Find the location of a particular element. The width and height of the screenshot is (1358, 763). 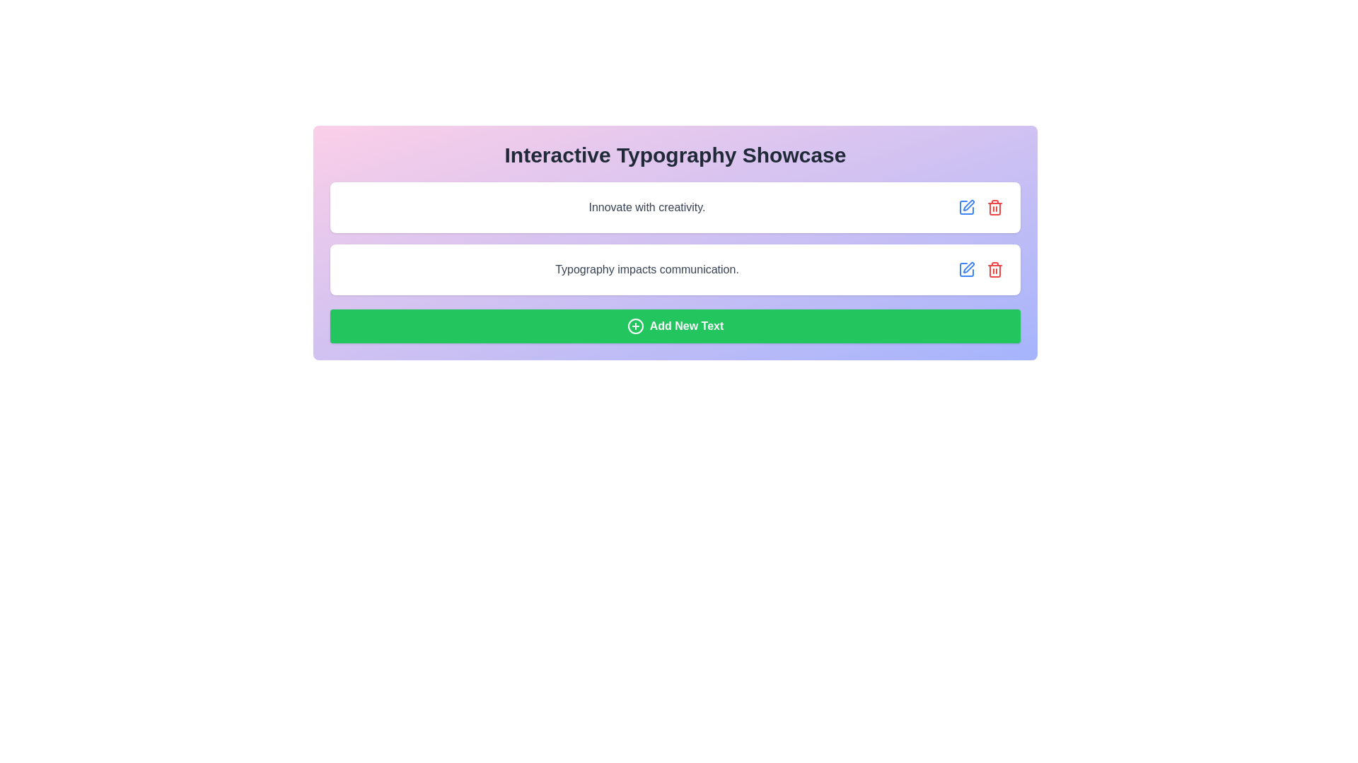

the red trash can icon button located at the far-right of the list item associated with the text 'Innovate with creativity' is located at coordinates (994, 207).